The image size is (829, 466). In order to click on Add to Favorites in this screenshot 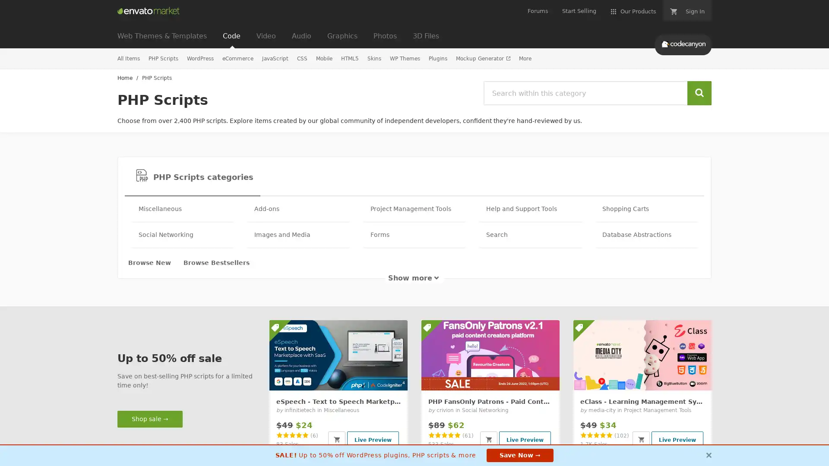, I will do `click(396, 378)`.